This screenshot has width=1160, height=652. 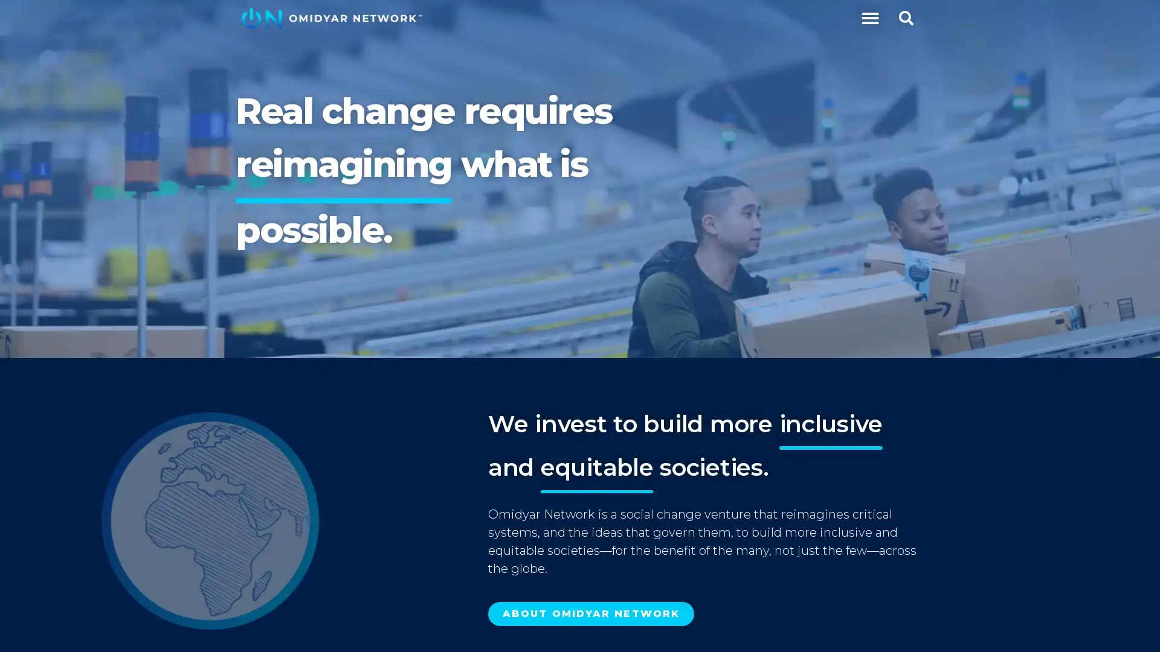 I want to click on ABOUT OMIDYAR NETWORK, so click(x=591, y=614).